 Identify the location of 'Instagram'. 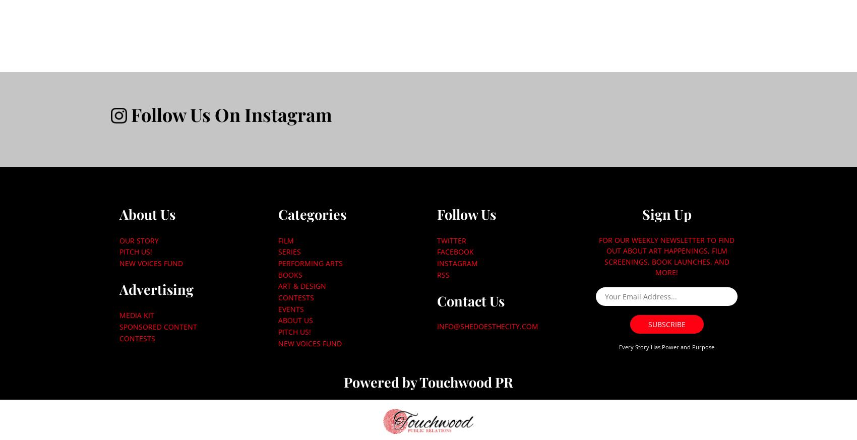
(457, 263).